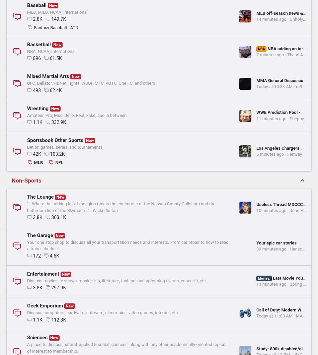 The height and width of the screenshot is (355, 318). I want to click on '3.5K', so click(33, 327).